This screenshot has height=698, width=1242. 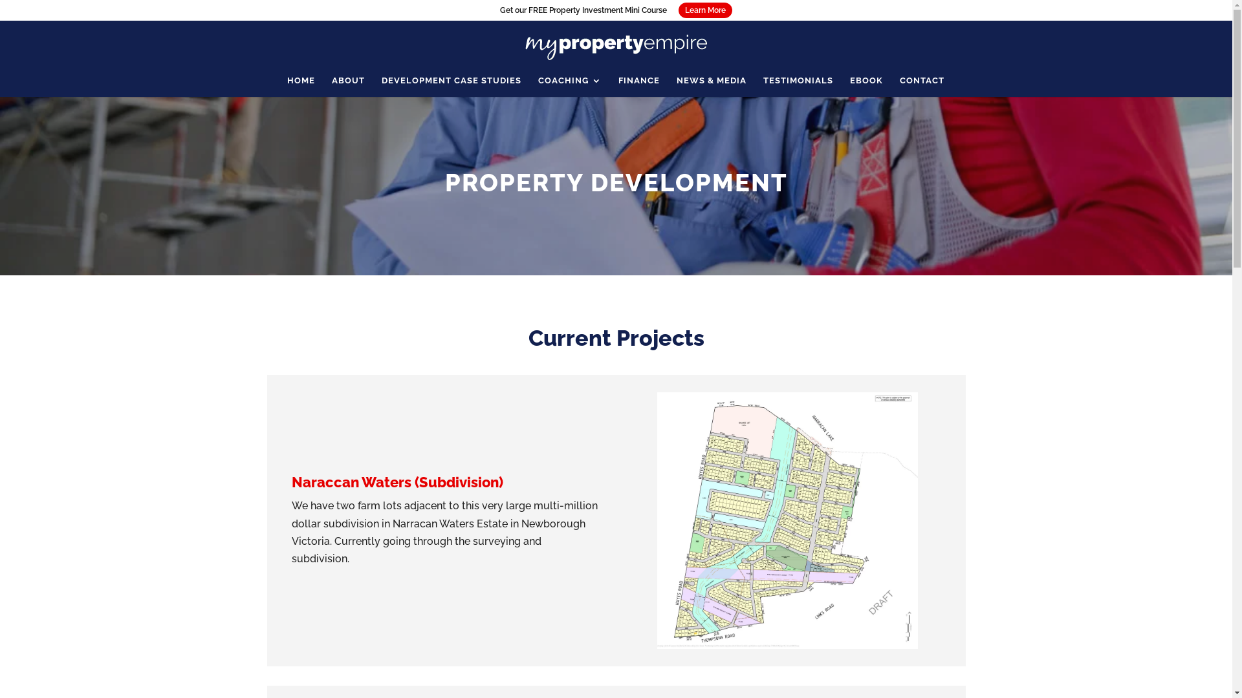 I want to click on 'COACHING', so click(x=538, y=87).